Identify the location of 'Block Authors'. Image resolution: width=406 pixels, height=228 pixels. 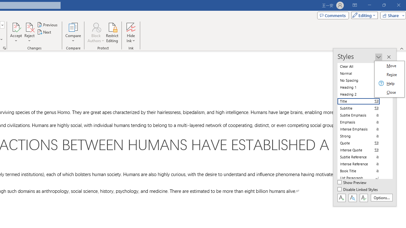
(95, 33).